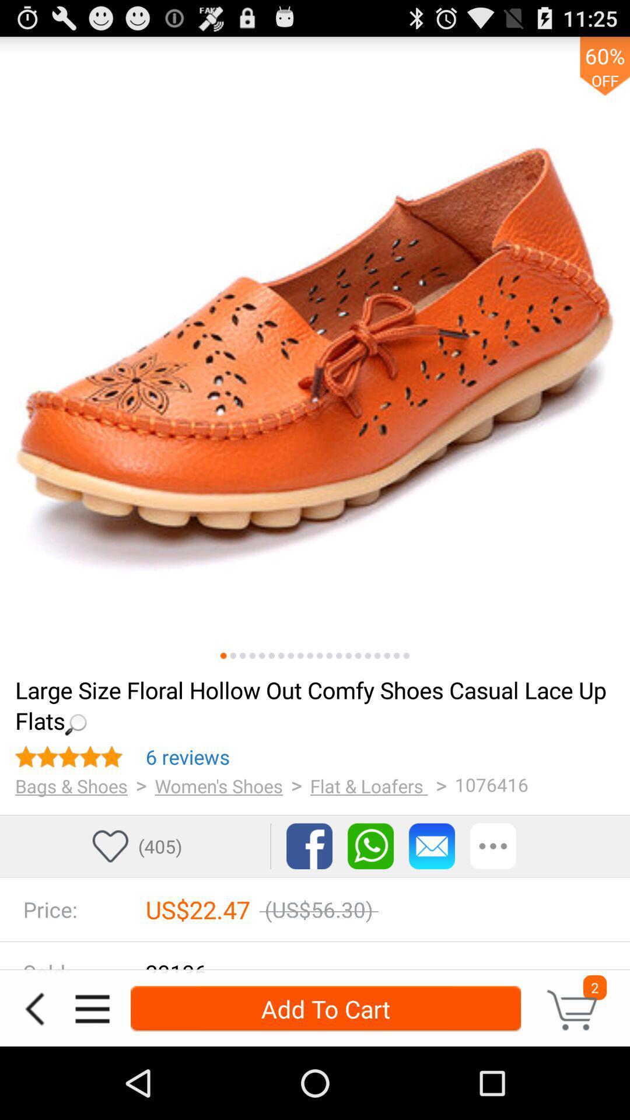  What do you see at coordinates (233, 656) in the screenshot?
I see `next image` at bounding box center [233, 656].